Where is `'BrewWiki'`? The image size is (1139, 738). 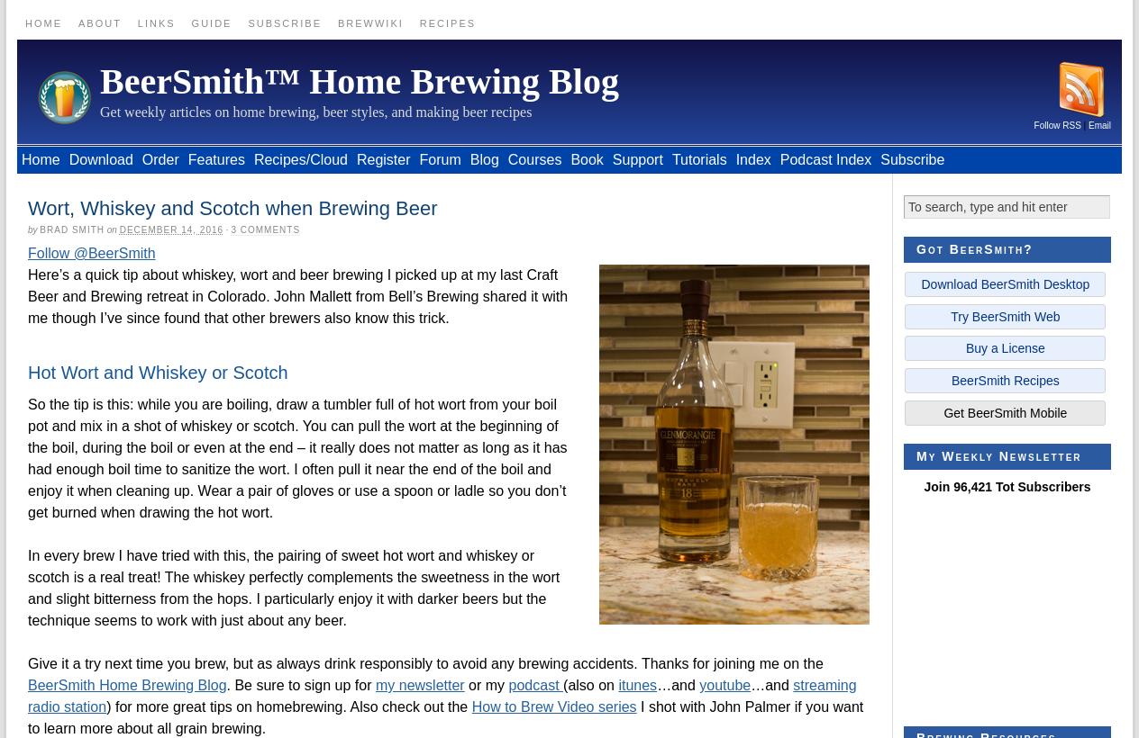
'BrewWiki' is located at coordinates (369, 22).